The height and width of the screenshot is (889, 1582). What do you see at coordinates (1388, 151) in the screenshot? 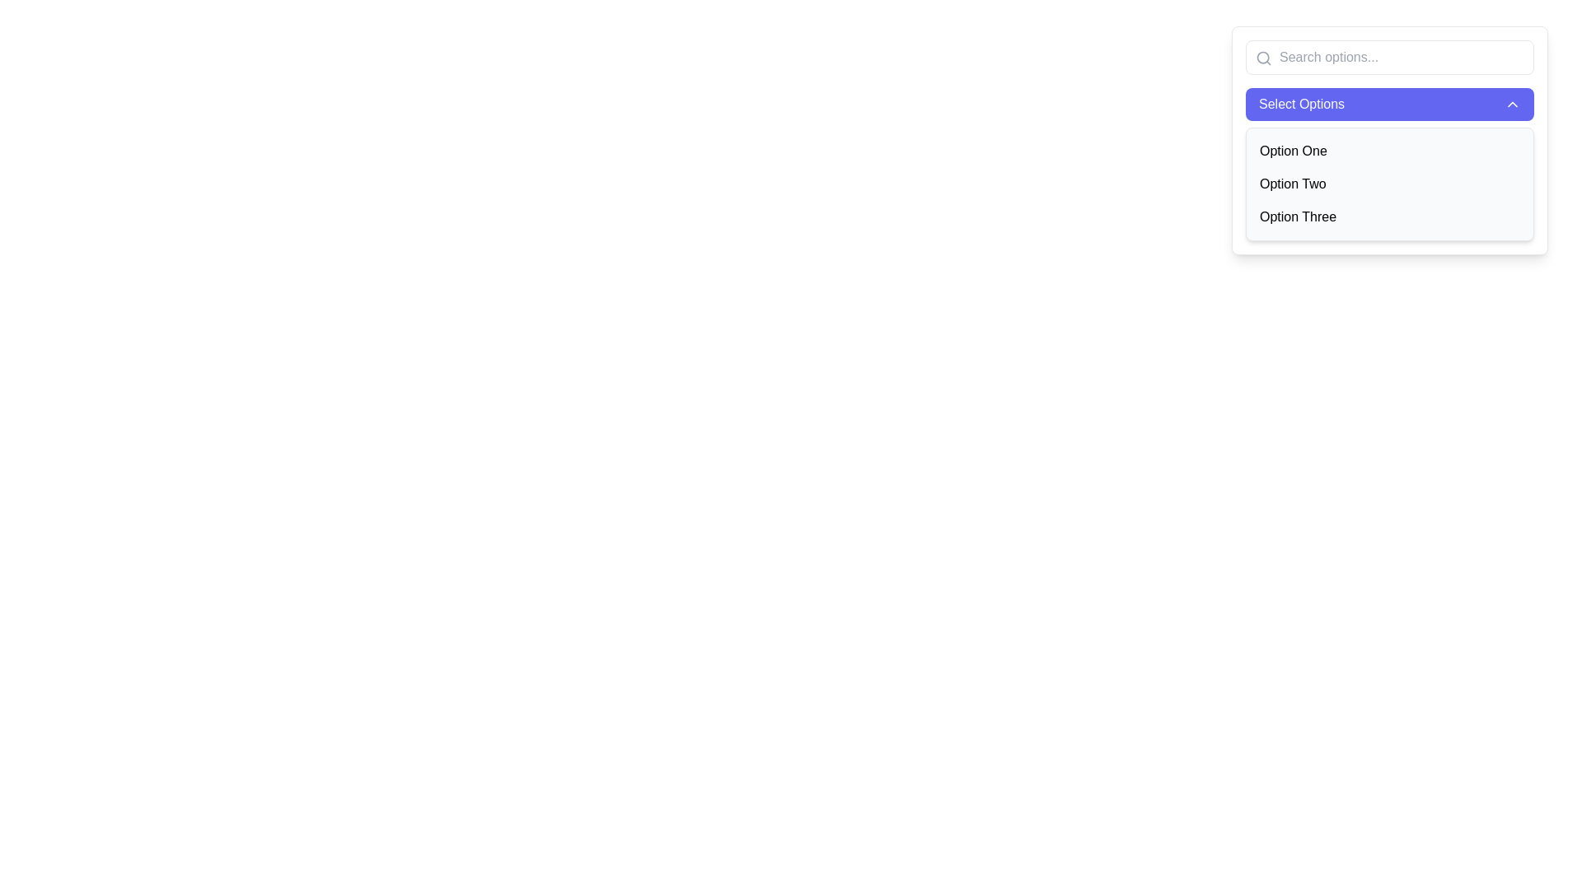
I see `the first entry of the dropdown menu, which is positioned below the 'Select Options' button` at bounding box center [1388, 151].